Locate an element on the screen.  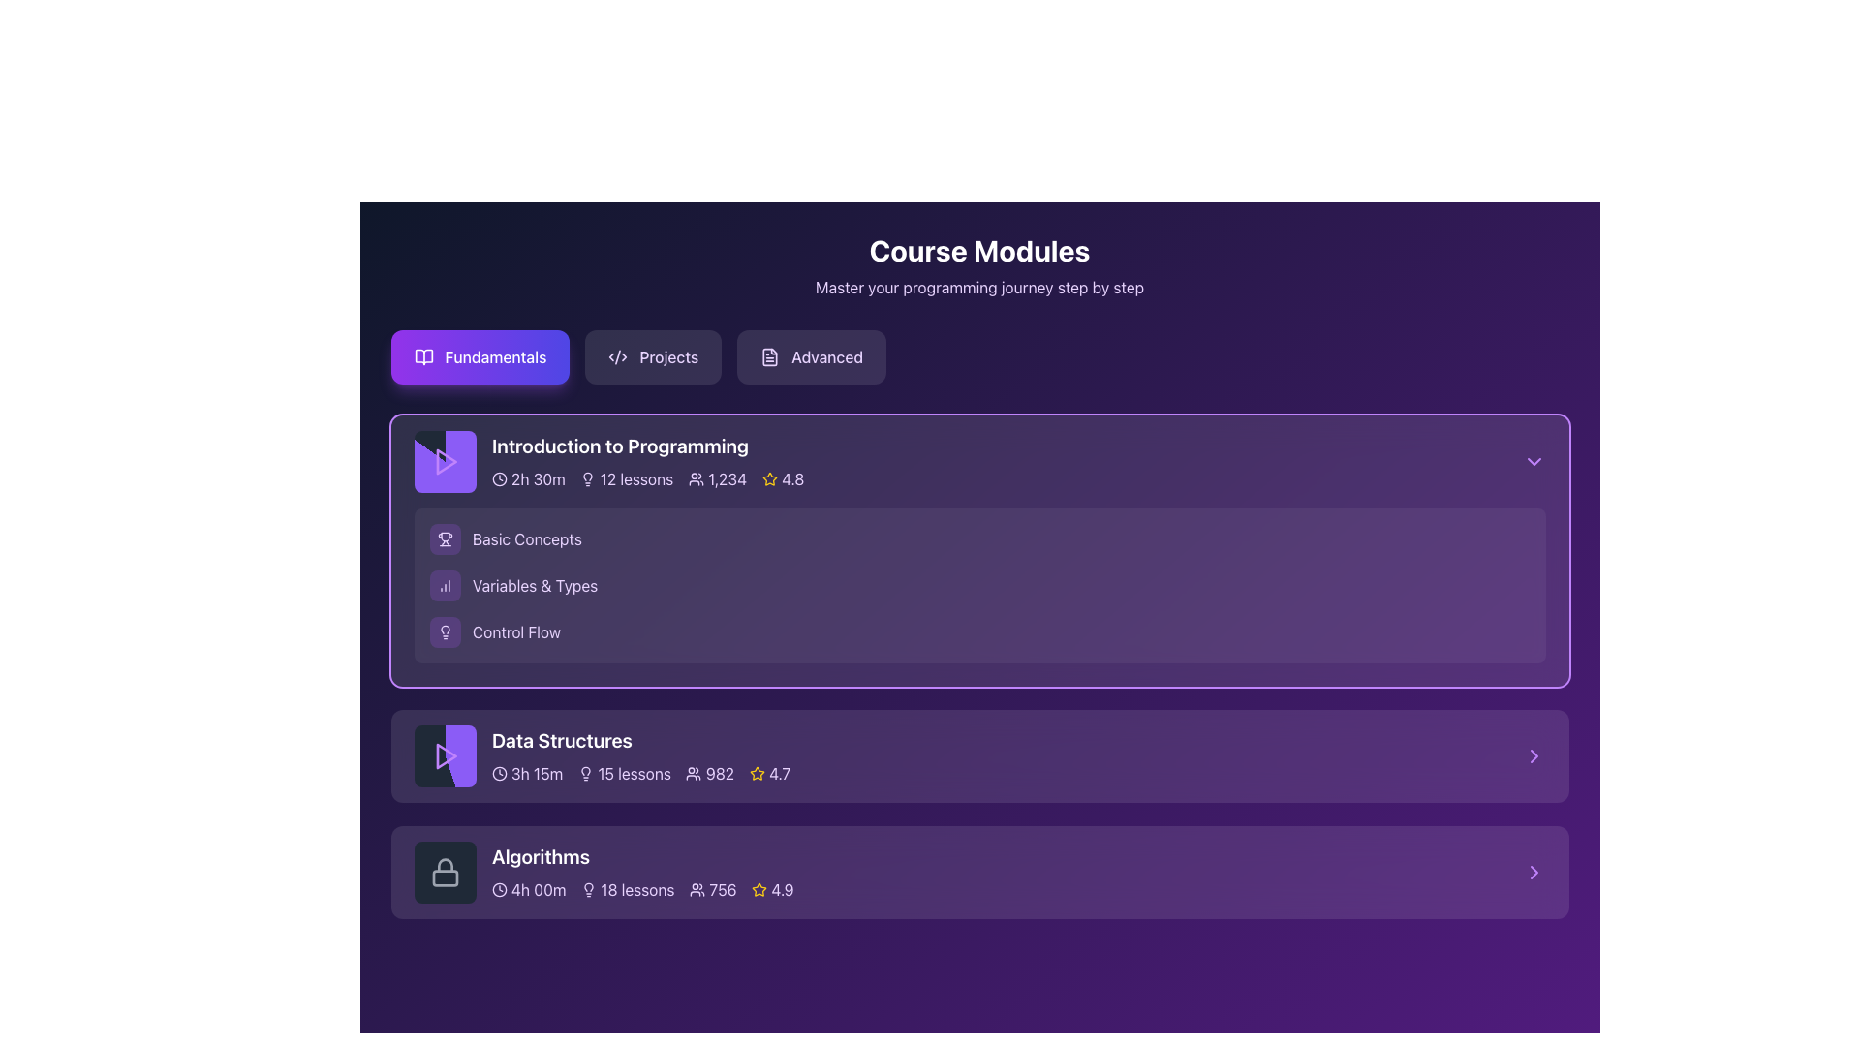
the lock icon located to the far left of the 'Algorithms' section is located at coordinates (444, 873).